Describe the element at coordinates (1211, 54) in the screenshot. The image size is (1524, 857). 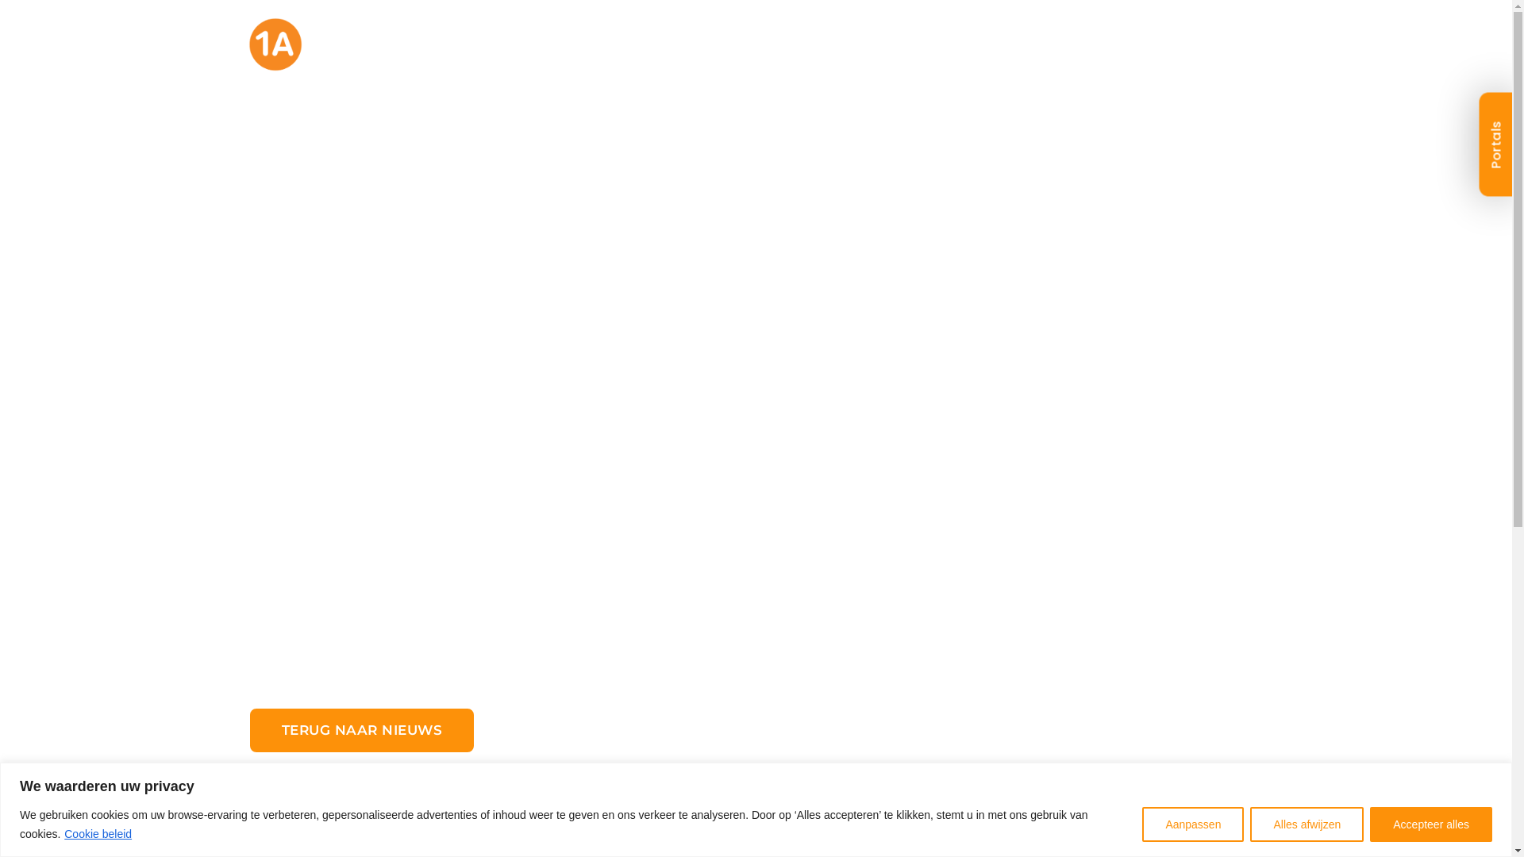
I see `'contact'` at that location.